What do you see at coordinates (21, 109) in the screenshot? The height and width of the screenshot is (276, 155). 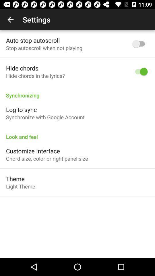 I see `log to sync icon` at bounding box center [21, 109].